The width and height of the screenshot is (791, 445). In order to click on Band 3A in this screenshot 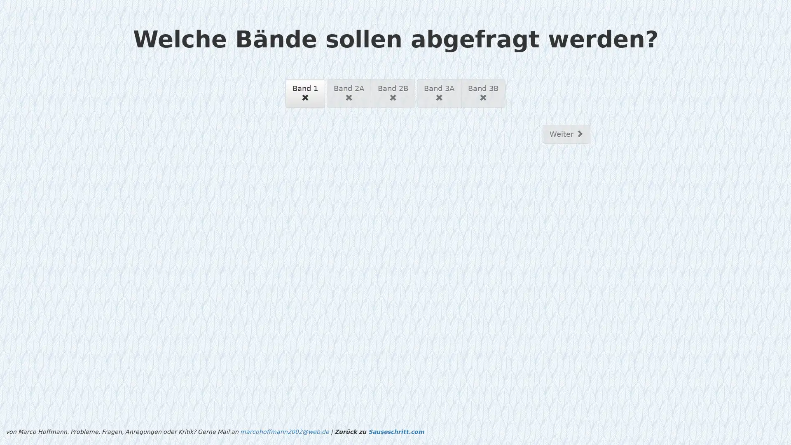, I will do `click(438, 93)`.